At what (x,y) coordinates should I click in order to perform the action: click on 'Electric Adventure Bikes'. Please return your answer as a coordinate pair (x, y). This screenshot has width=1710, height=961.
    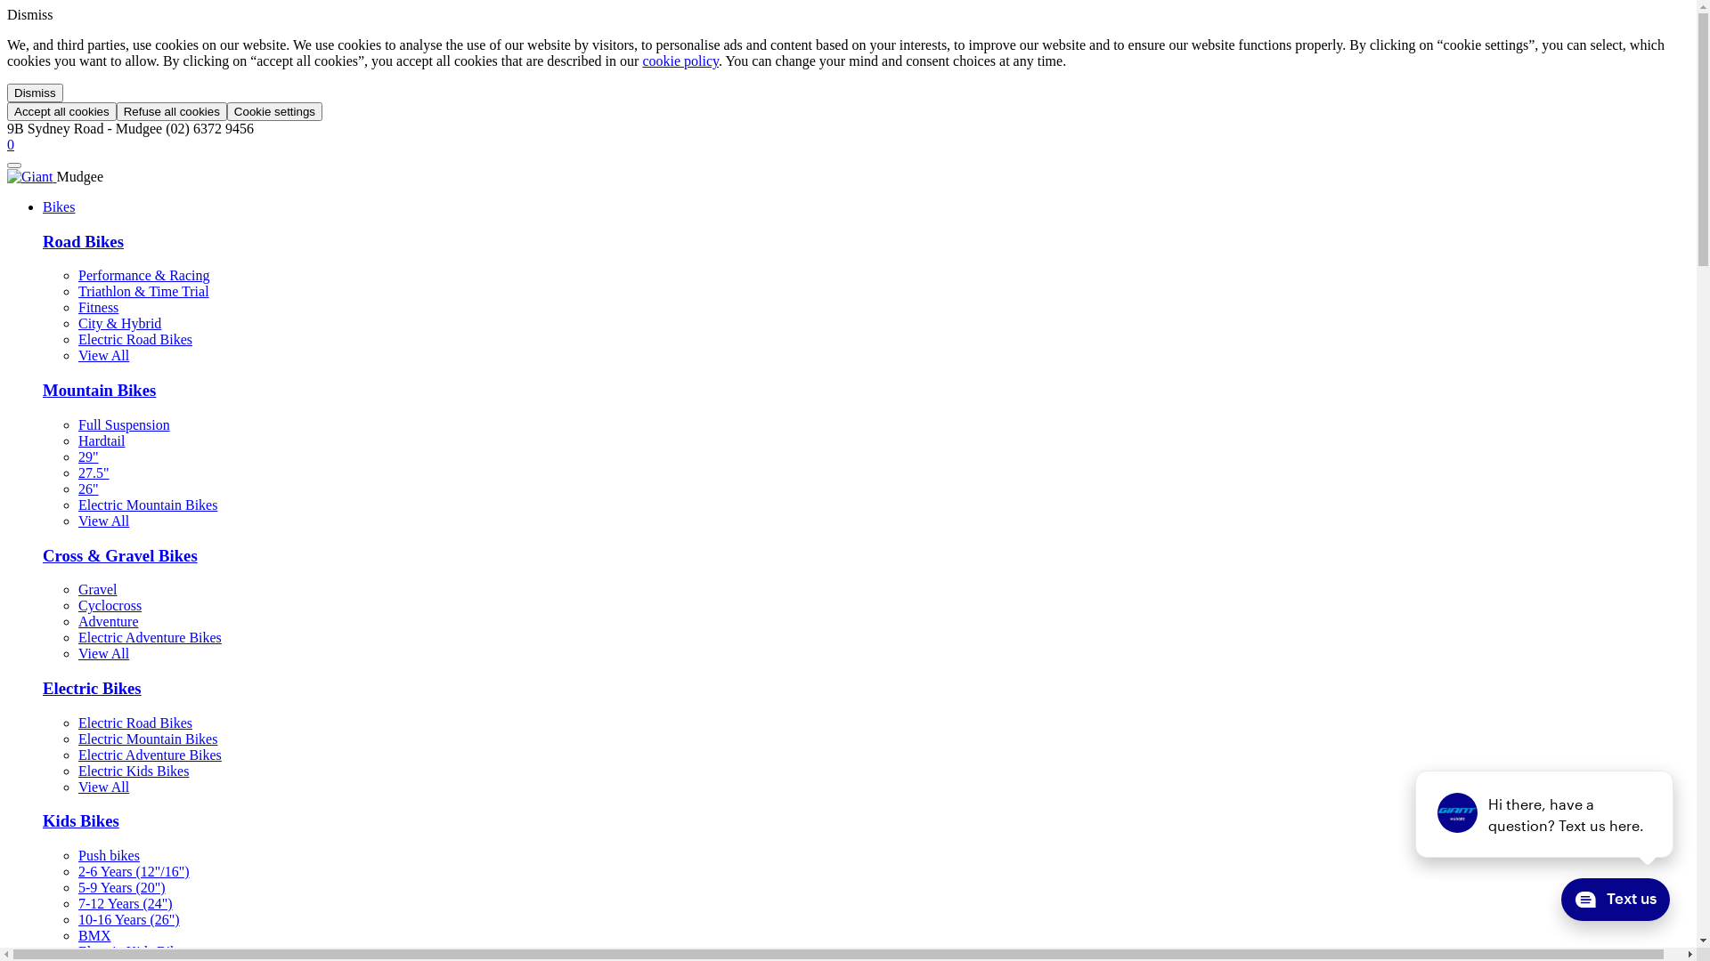
    Looking at the image, I should click on (150, 755).